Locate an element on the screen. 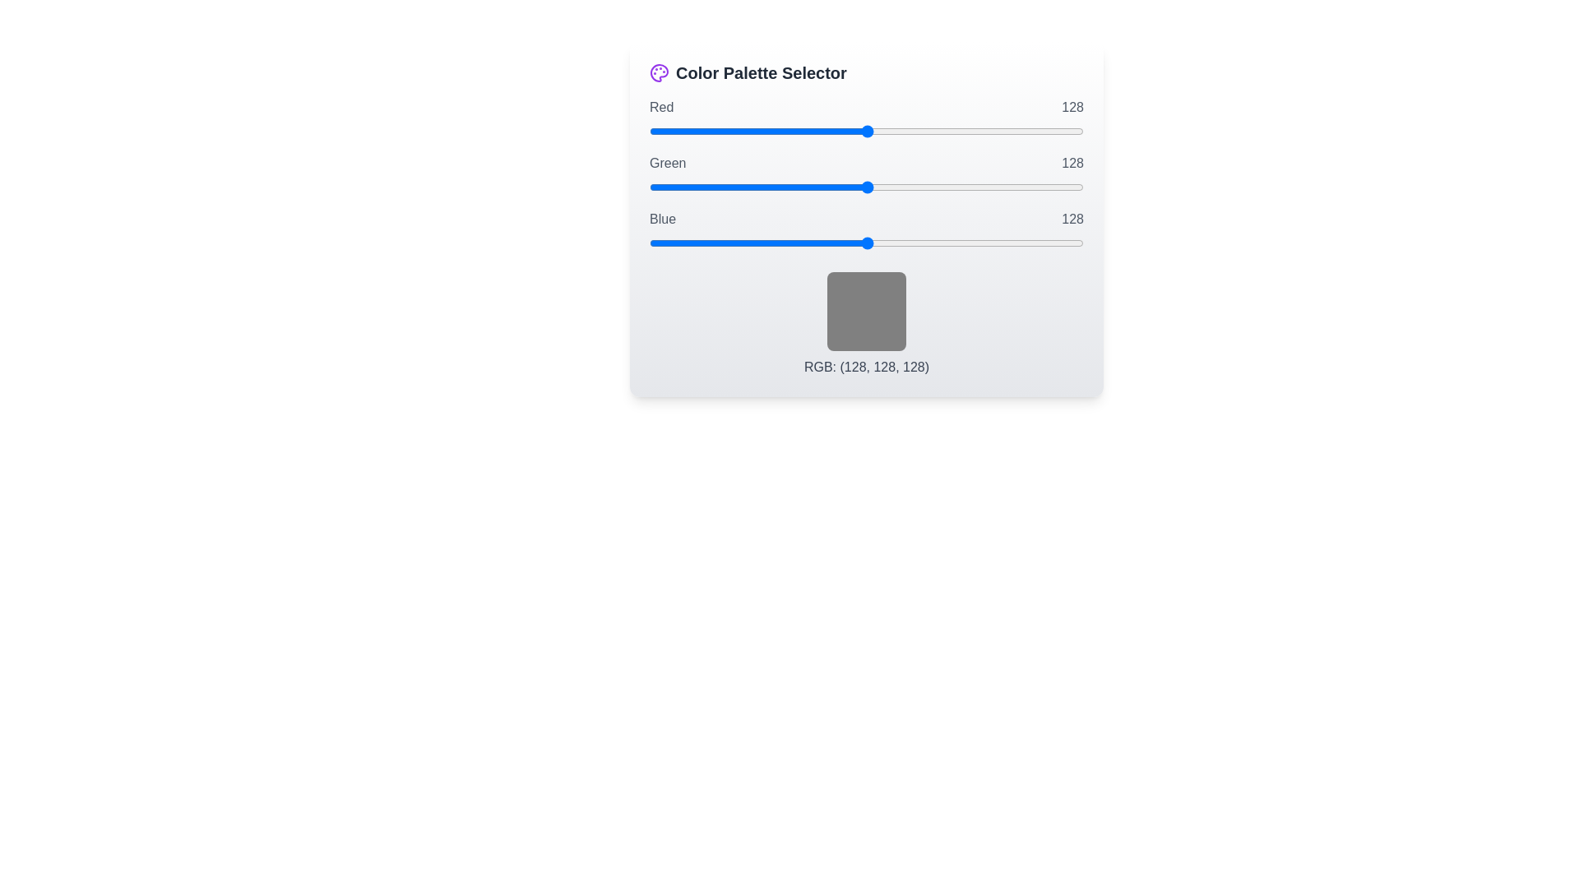  the 1 slider to 122 to observe the color preview box update is located at coordinates (866, 186).